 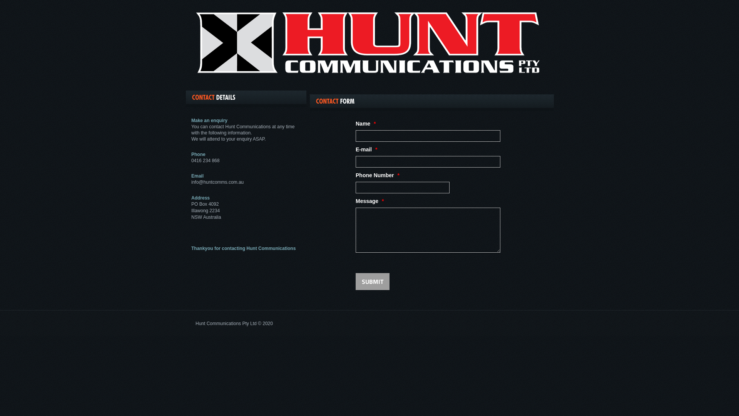 I want to click on 'SUBMIT', so click(x=373, y=282).